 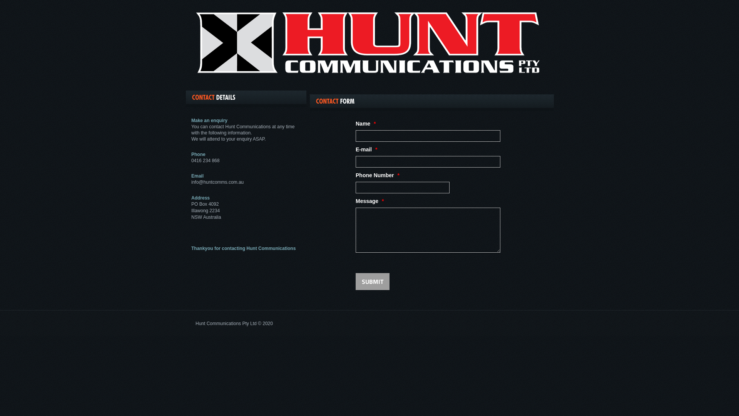 I want to click on 'SUBMIT', so click(x=373, y=282).